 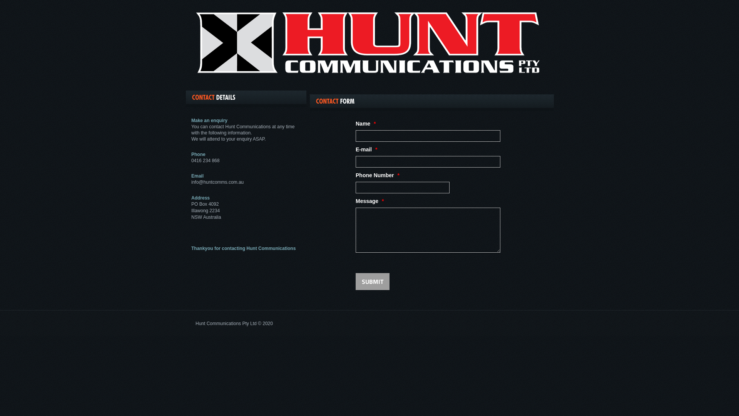 I want to click on 'SUBMIT', so click(x=373, y=282).